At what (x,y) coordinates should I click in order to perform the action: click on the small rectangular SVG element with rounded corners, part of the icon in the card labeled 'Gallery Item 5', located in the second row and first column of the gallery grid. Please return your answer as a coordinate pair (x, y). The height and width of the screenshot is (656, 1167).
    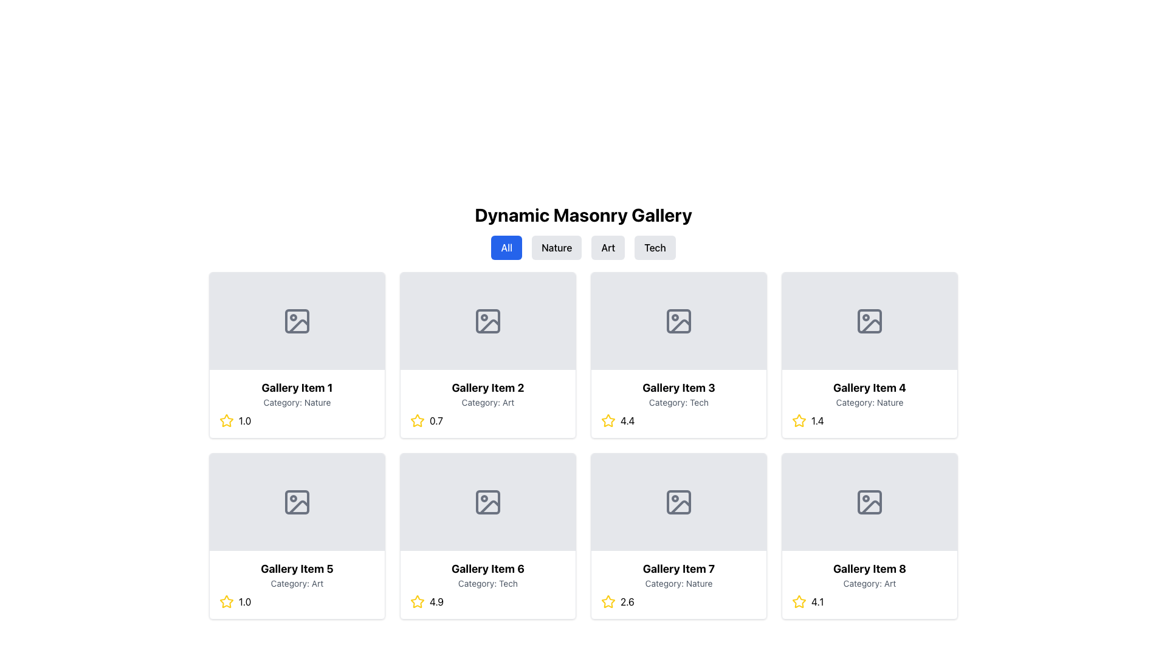
    Looking at the image, I should click on (297, 502).